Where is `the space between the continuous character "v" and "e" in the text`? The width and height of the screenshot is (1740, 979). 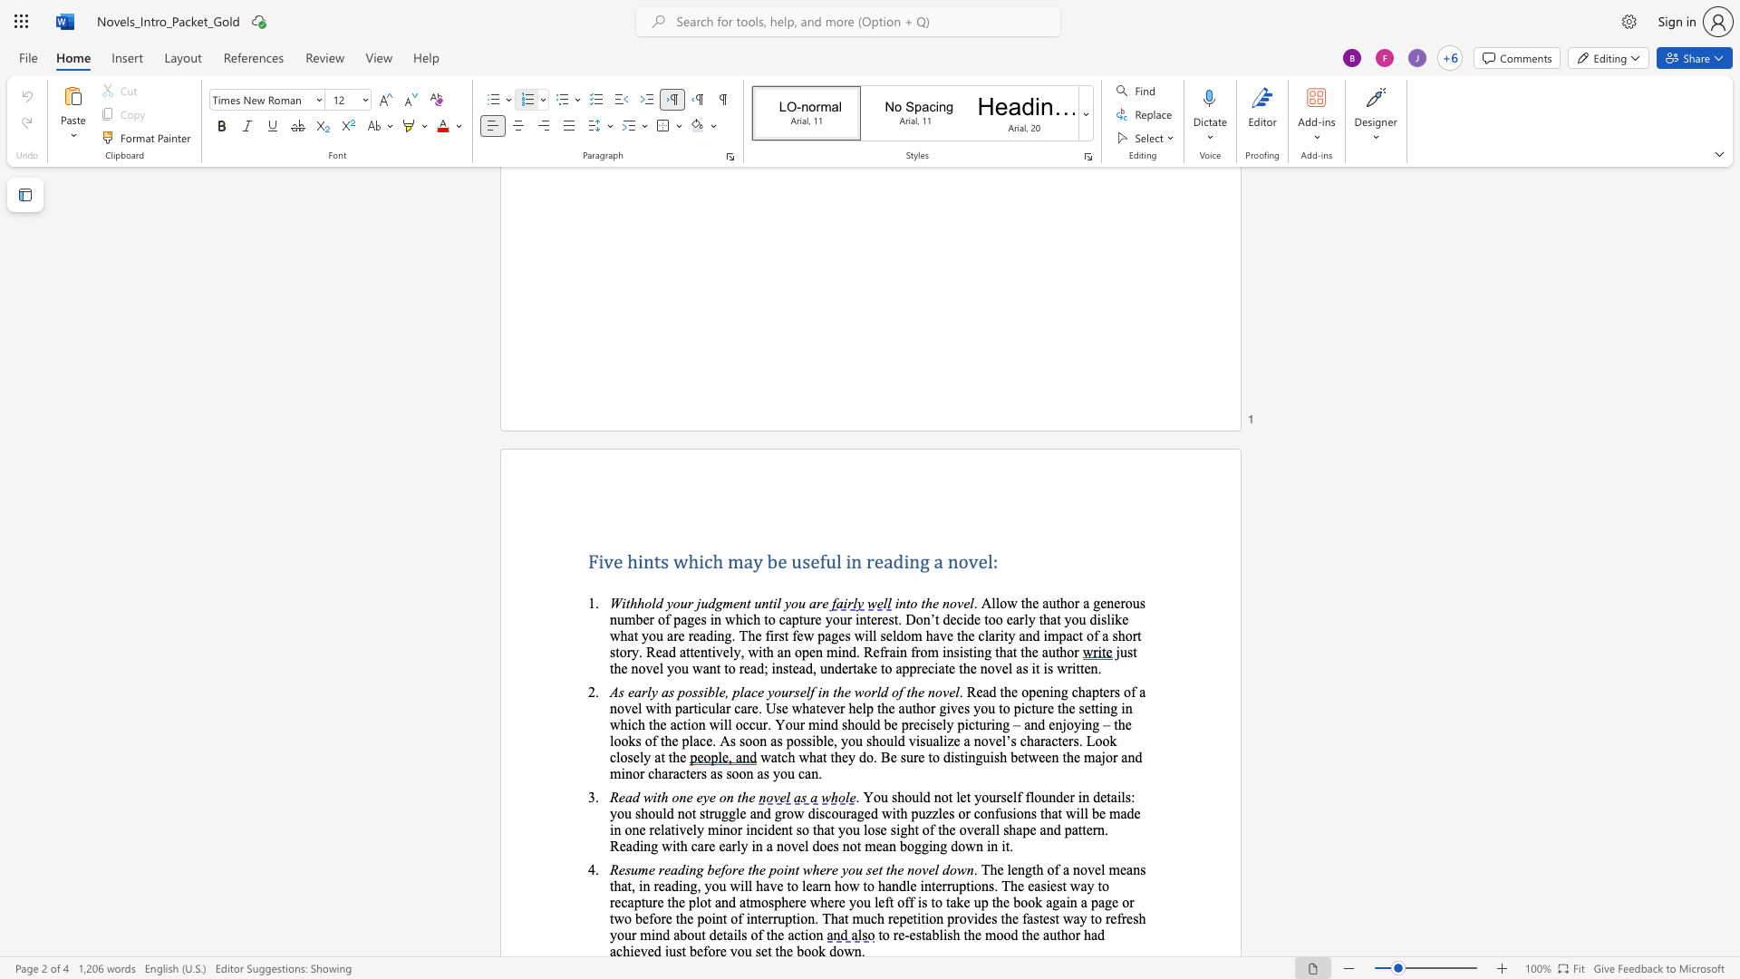 the space between the continuous character "v" and "e" in the text is located at coordinates (948, 692).